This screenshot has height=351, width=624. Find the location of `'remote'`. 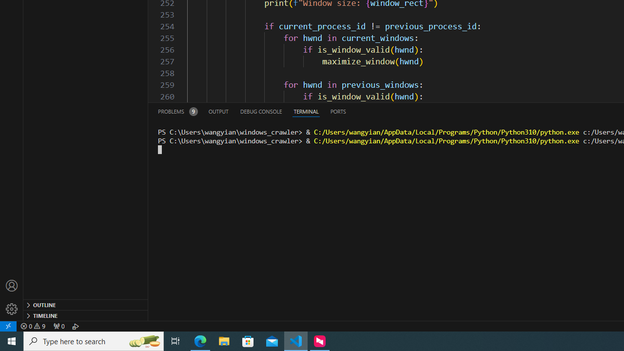

'remote' is located at coordinates (8, 326).